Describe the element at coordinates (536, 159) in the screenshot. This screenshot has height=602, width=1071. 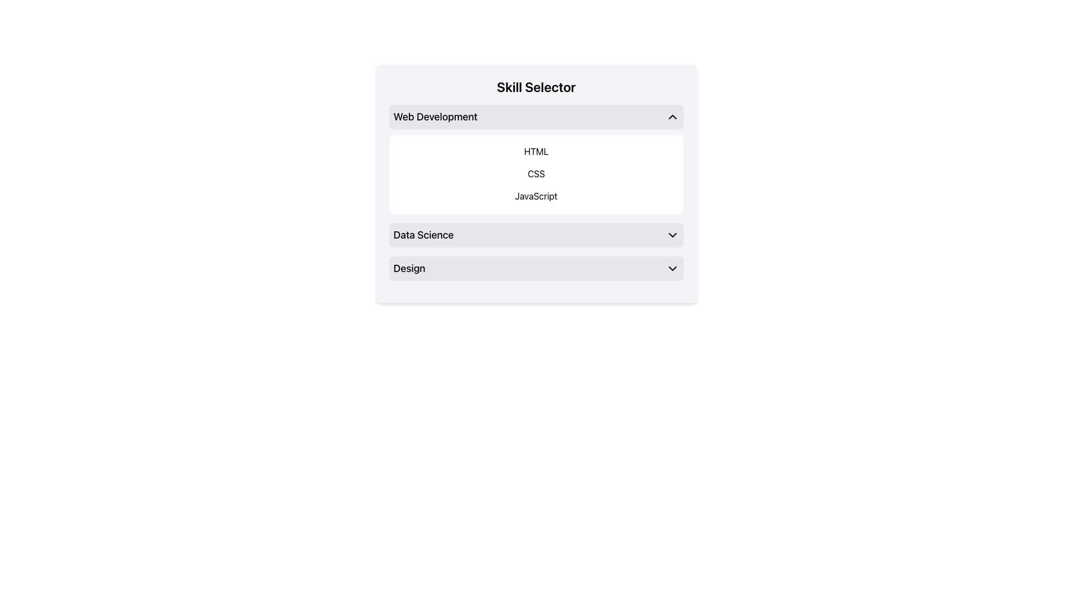
I see `one of the selectable items in the interactive list under the 'Web Development' category, positioned directly below the 'Web Development' header` at that location.